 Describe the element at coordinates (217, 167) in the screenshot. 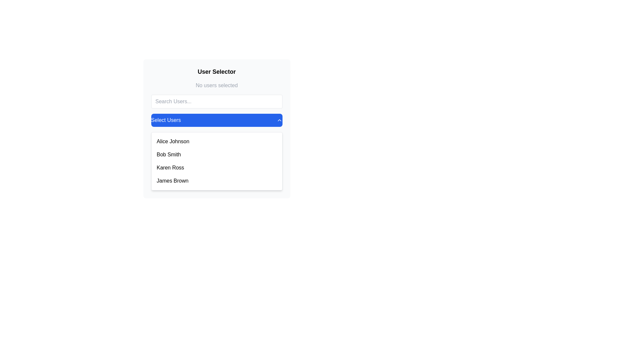

I see `the list item labeled 'Karen Ross'` at that location.